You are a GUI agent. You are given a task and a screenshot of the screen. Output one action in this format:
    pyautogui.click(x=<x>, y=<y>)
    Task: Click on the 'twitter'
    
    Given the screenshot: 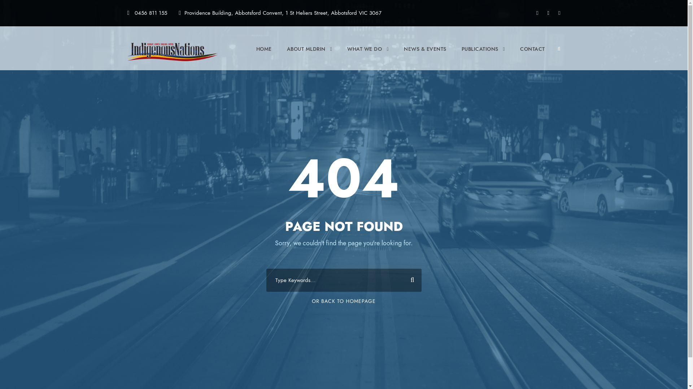 What is the action you would take?
    pyautogui.click(x=548, y=13)
    